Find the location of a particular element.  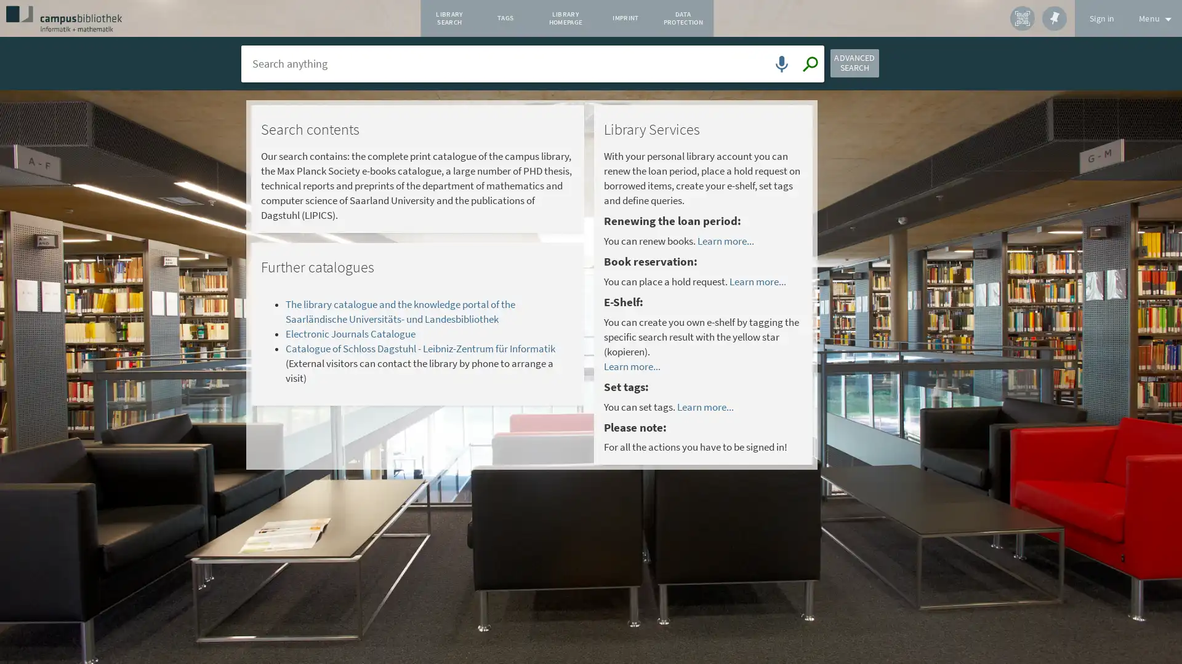

QR is located at coordinates (1022, 18).